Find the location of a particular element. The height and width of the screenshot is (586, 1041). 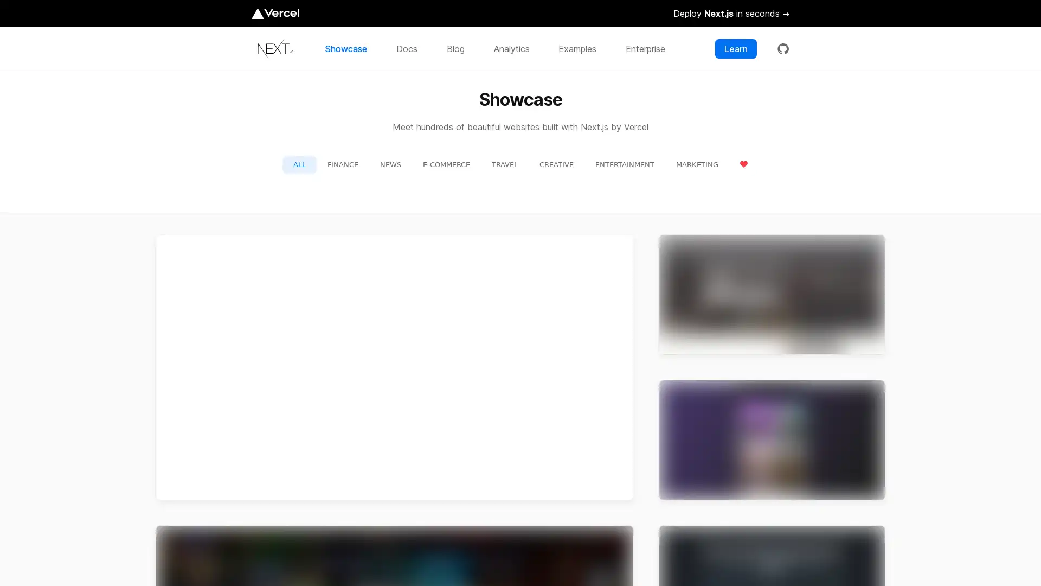

preview for TikTok TikTok https://m.tiktok.com is located at coordinates (394, 366).